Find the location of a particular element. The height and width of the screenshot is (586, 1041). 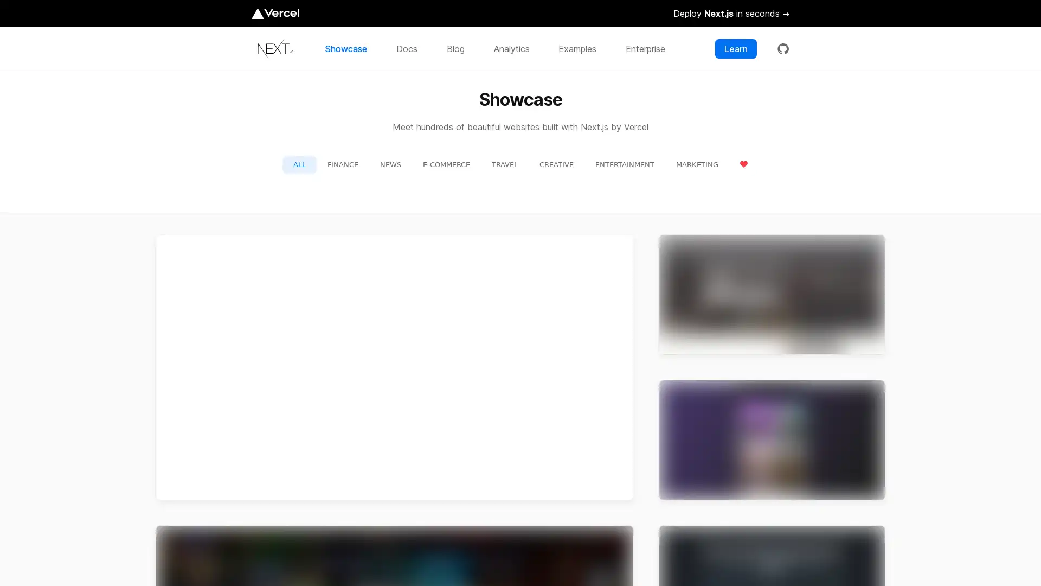

preview for TikTok TikTok https://m.tiktok.com is located at coordinates (394, 366).